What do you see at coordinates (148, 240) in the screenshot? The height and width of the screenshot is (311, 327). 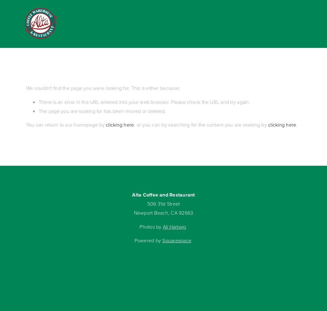 I see `'Powered by'` at bounding box center [148, 240].